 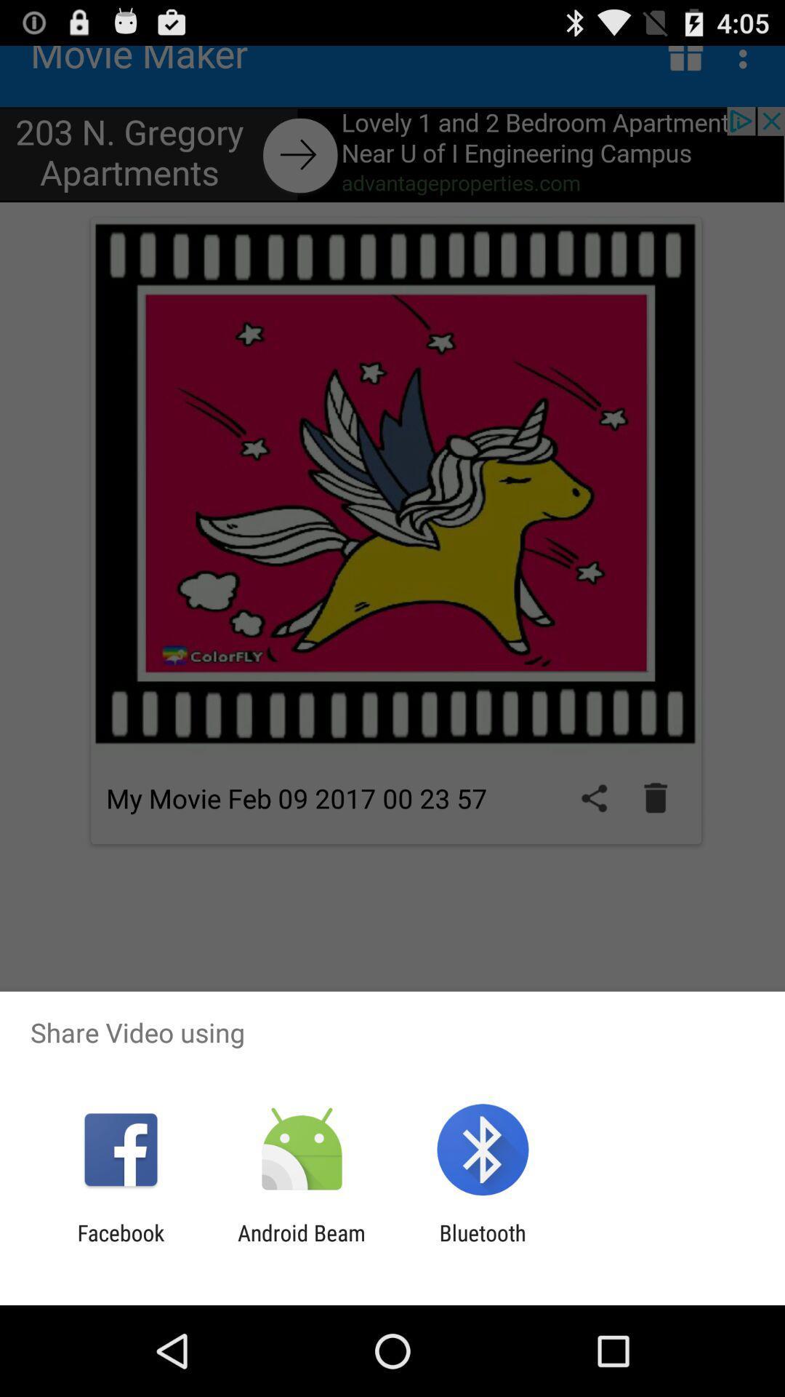 What do you see at coordinates (483, 1245) in the screenshot?
I see `app to the right of android beam item` at bounding box center [483, 1245].